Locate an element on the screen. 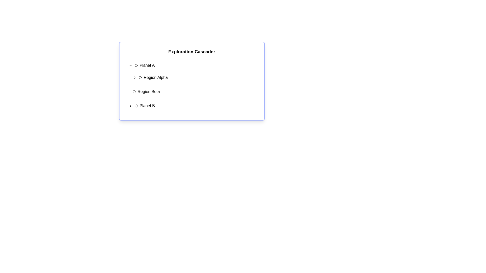 The height and width of the screenshot is (273, 486). the Icon (circle outline) associated with the label 'Planet B' is located at coordinates (136, 106).